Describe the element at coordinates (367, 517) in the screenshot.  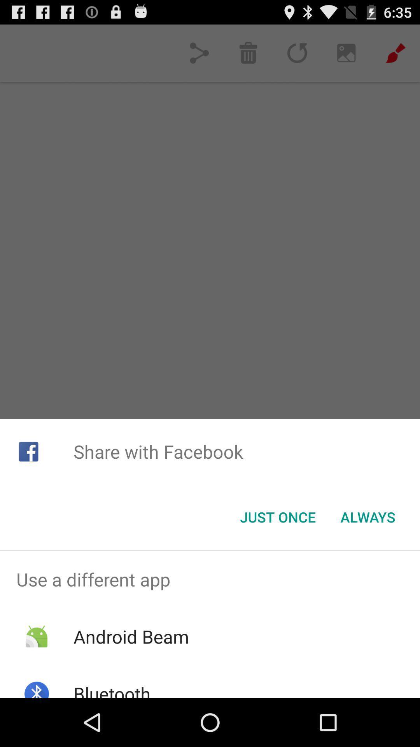
I see `item below share with facebook app` at that location.